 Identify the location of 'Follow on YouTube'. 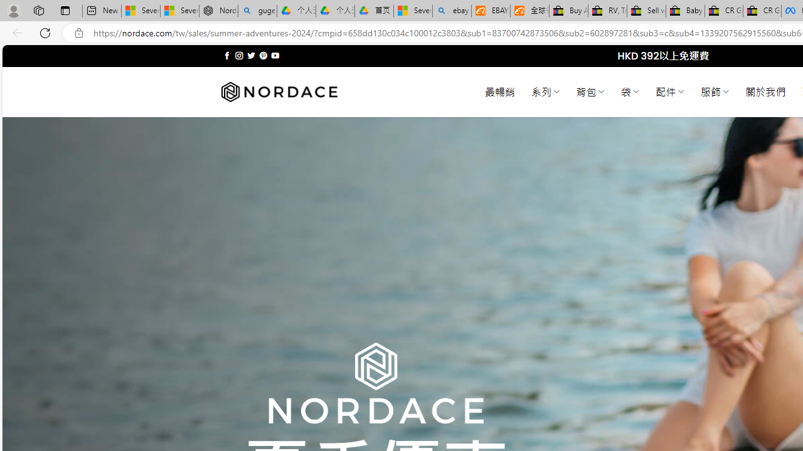
(275, 55).